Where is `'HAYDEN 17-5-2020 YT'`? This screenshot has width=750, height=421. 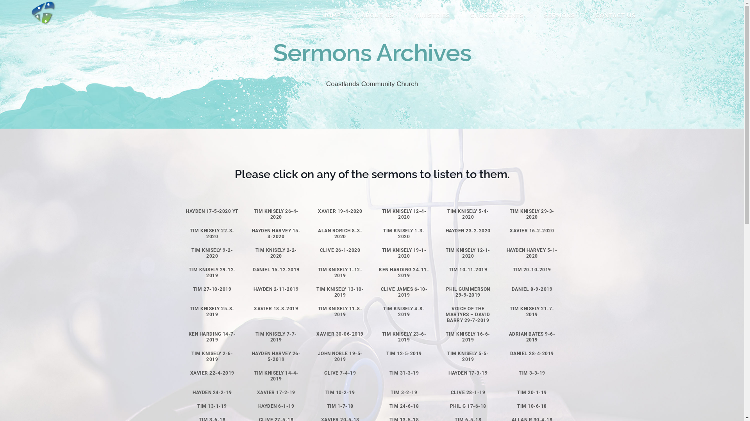 'HAYDEN 17-5-2020 YT' is located at coordinates (212, 211).